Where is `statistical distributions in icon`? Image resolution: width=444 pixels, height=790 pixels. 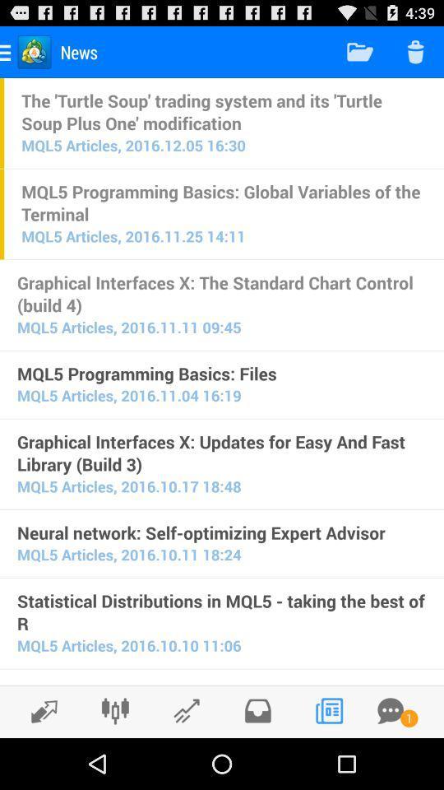
statistical distributions in icon is located at coordinates (222, 611).